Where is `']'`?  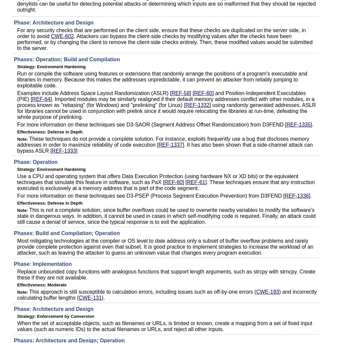 ']' is located at coordinates (76, 151).